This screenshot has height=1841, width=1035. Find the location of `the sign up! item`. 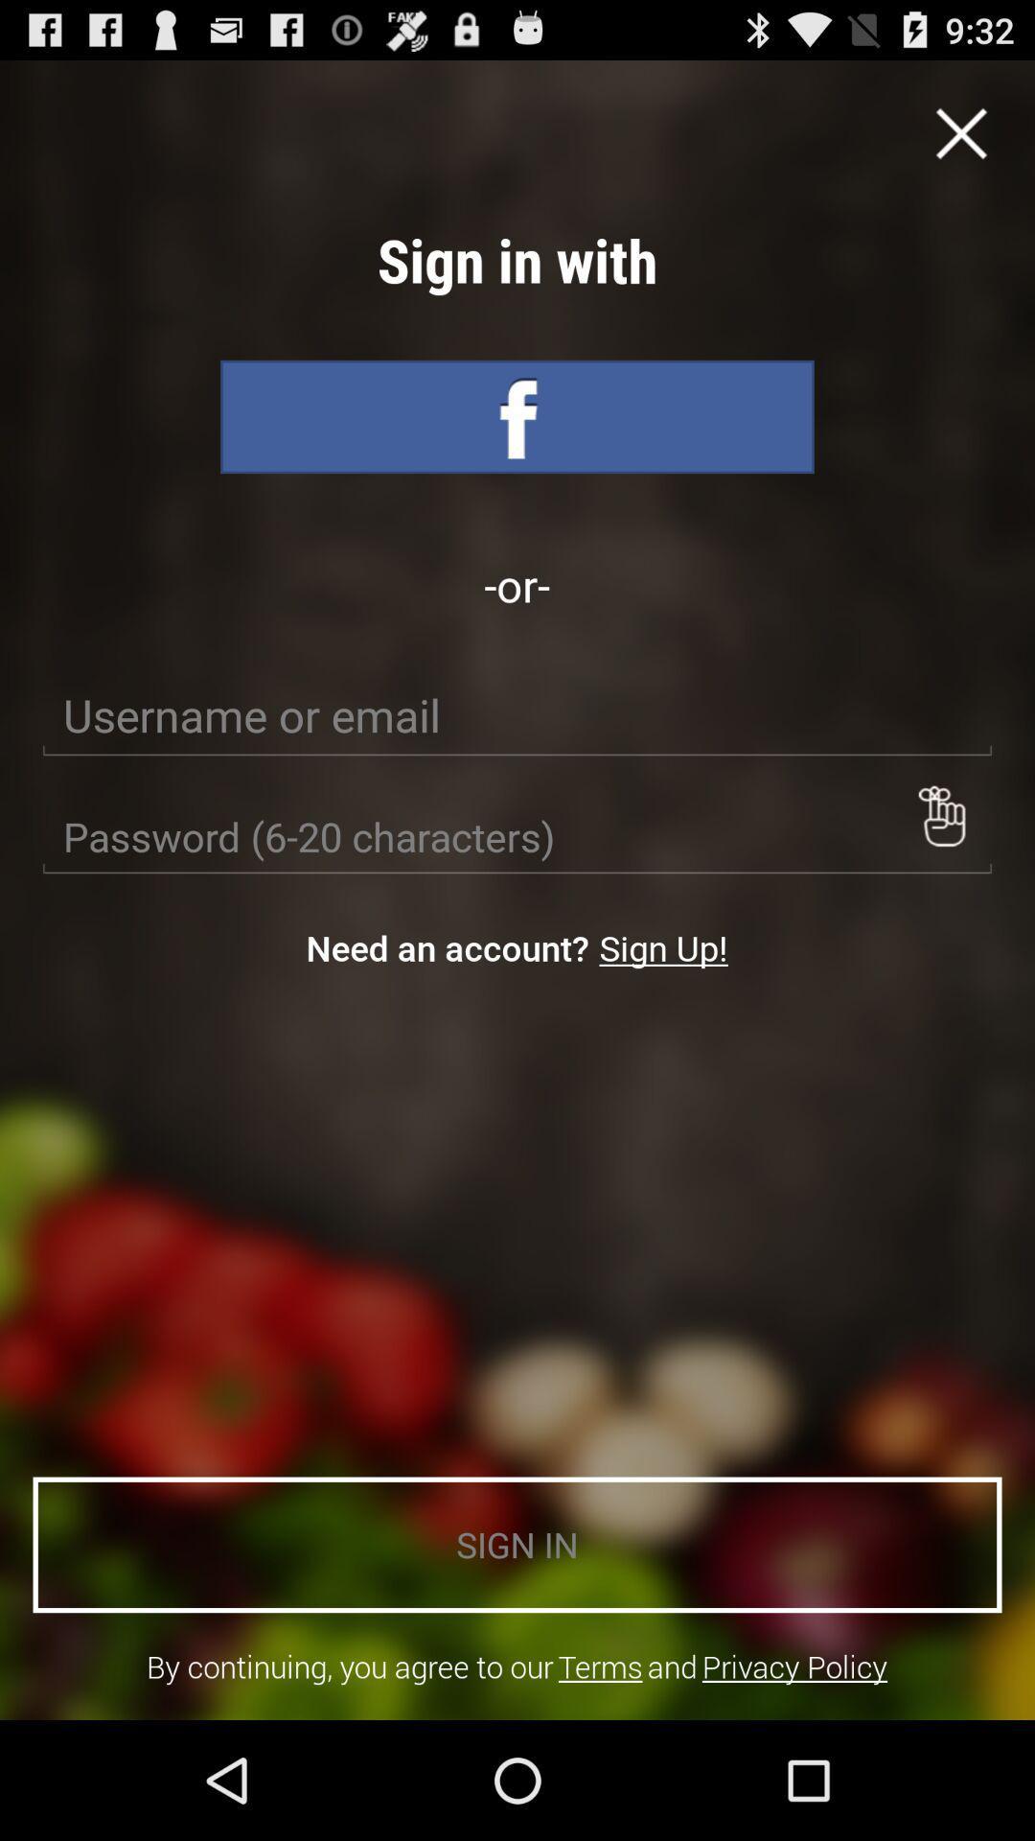

the sign up! item is located at coordinates (662, 947).